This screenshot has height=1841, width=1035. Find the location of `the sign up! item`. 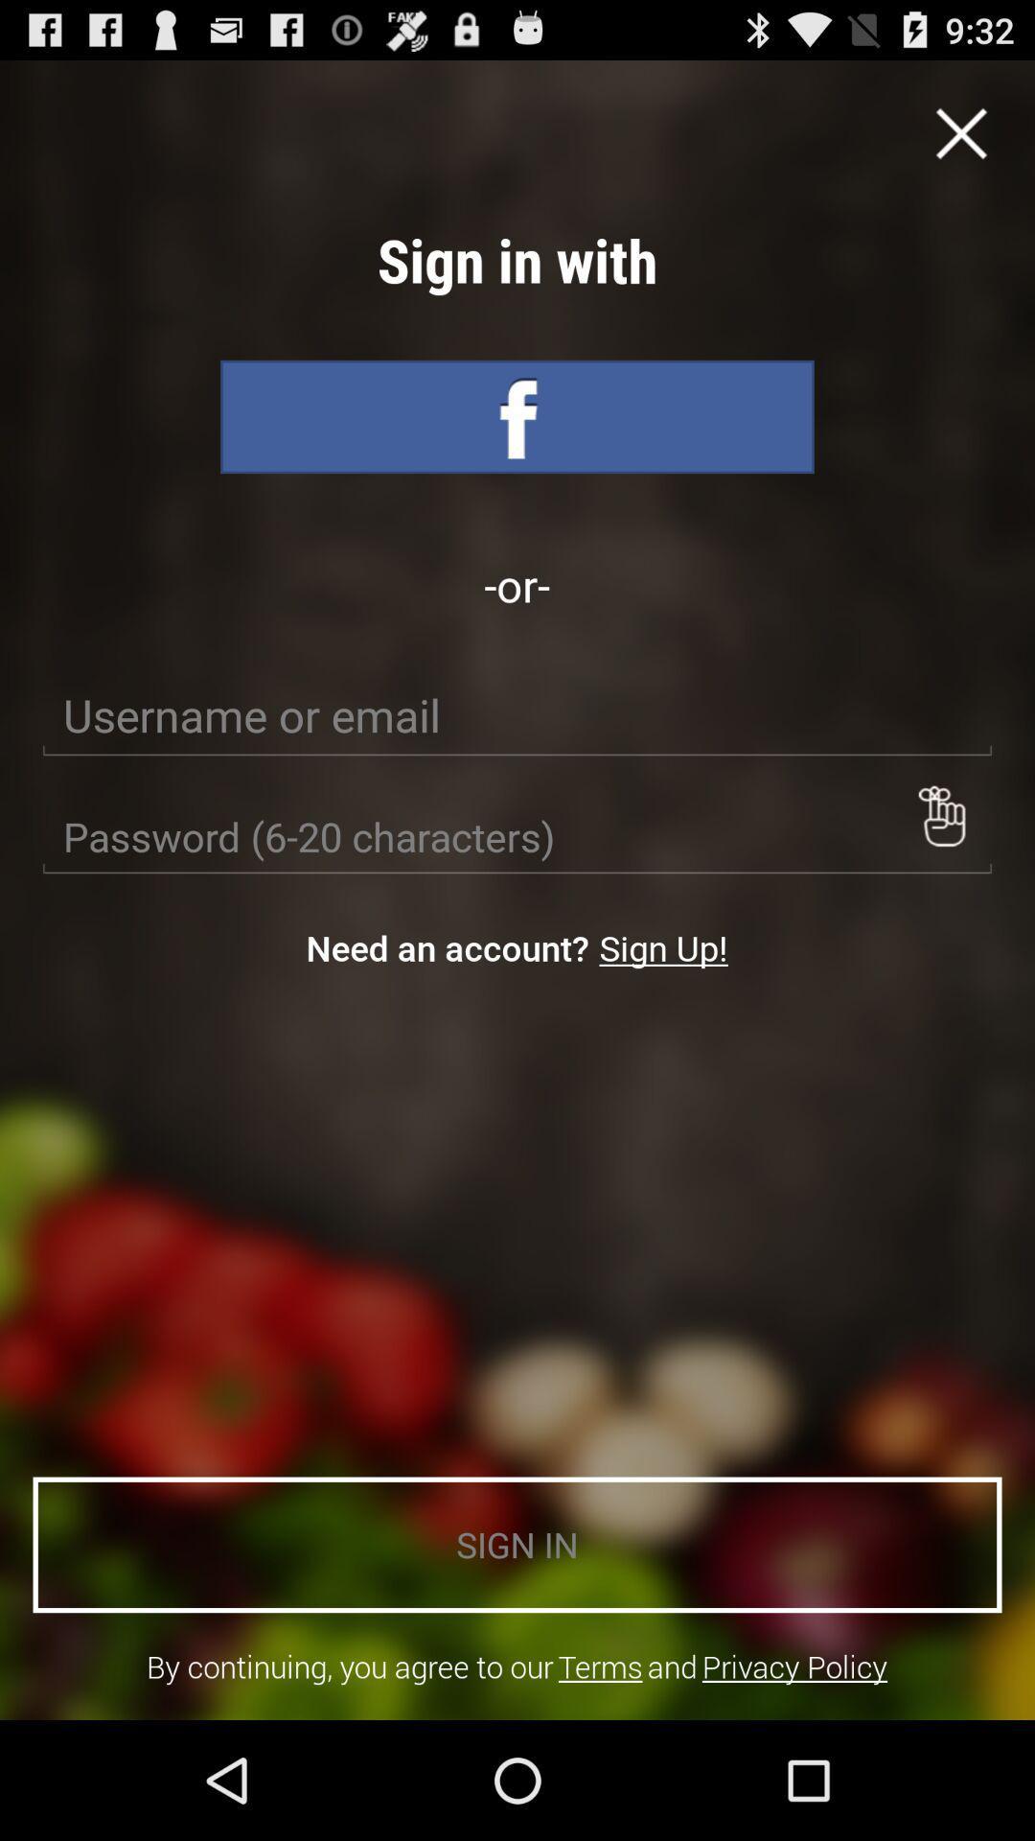

the sign up! item is located at coordinates (662, 947).